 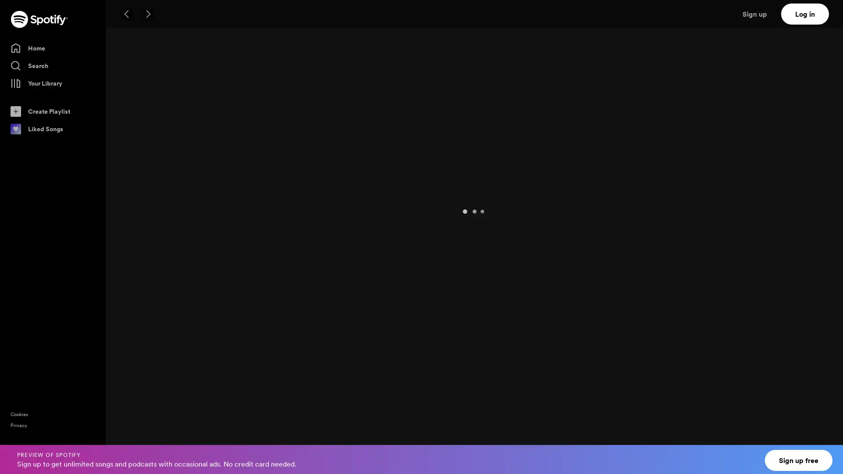 I want to click on Close, so click(x=828, y=454).